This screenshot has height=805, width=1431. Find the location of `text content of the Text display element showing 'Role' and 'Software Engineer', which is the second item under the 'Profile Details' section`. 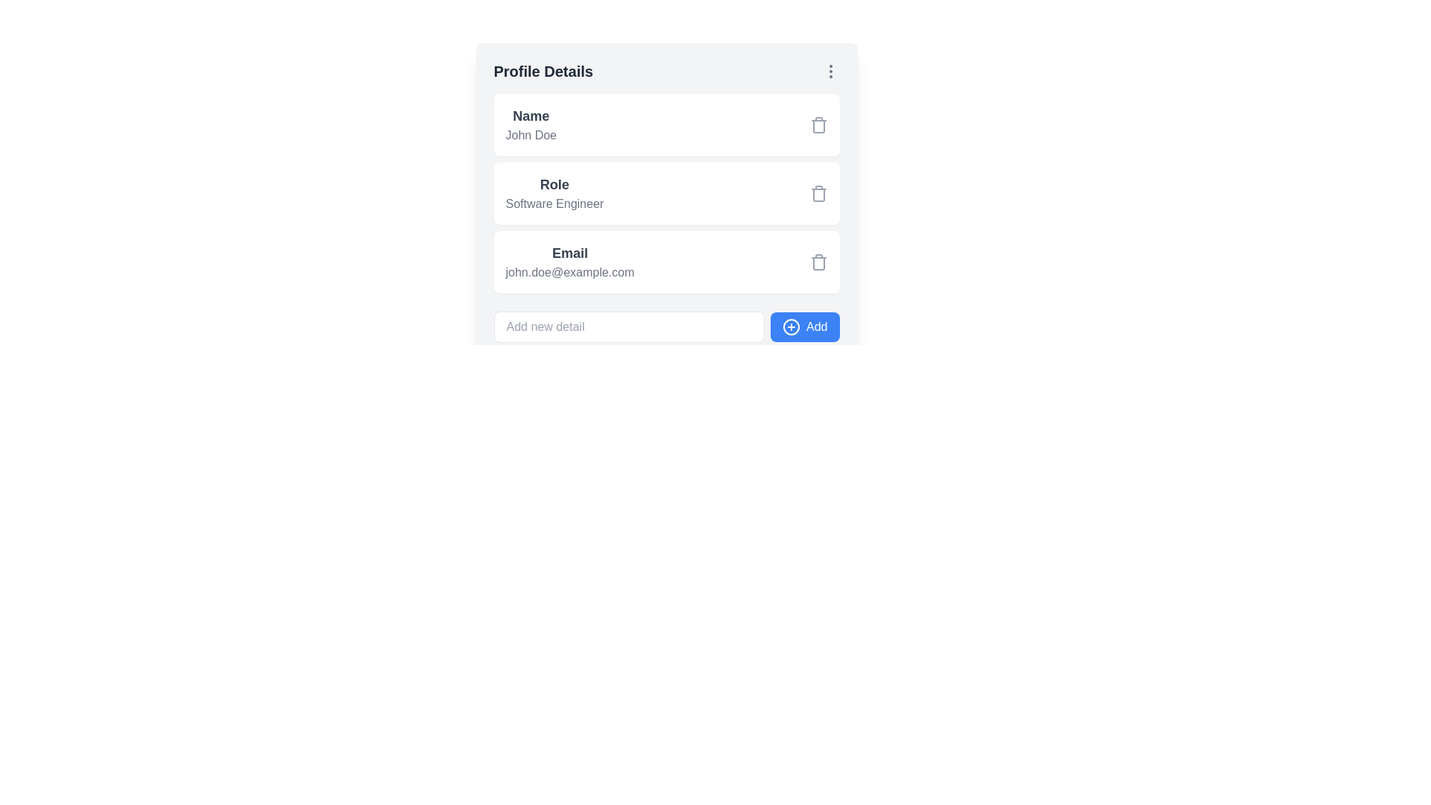

text content of the Text display element showing 'Role' and 'Software Engineer', which is the second item under the 'Profile Details' section is located at coordinates (554, 192).